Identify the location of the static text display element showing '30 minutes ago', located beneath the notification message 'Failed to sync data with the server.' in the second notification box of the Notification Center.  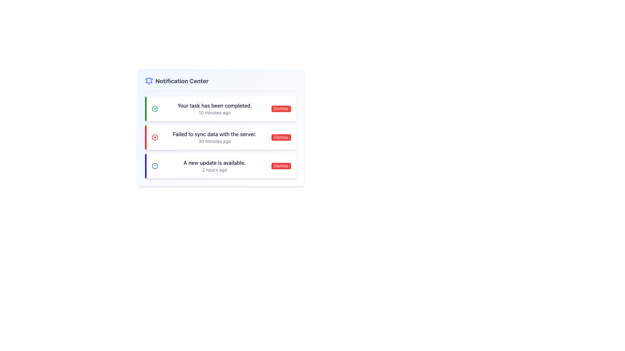
(215, 141).